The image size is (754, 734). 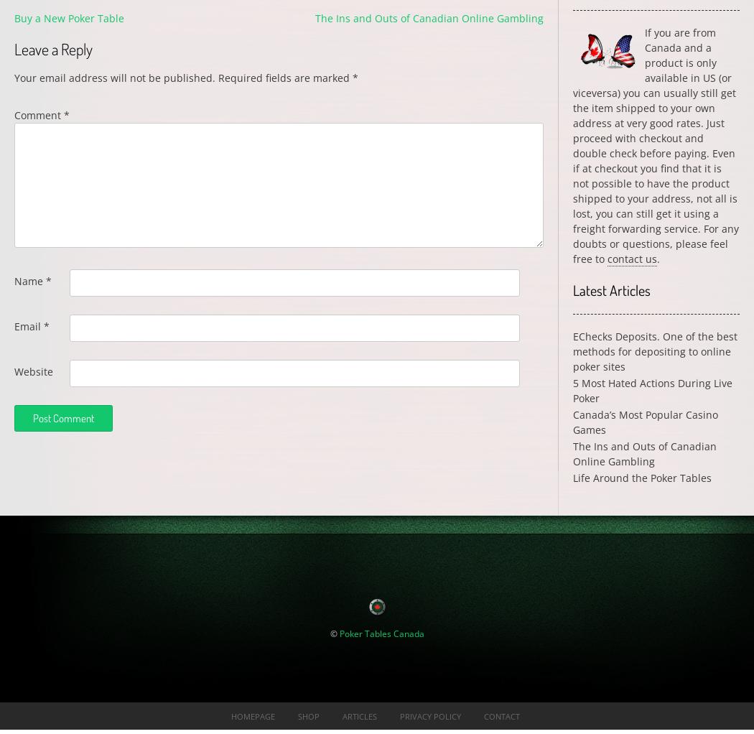 What do you see at coordinates (358, 715) in the screenshot?
I see `'Articles'` at bounding box center [358, 715].